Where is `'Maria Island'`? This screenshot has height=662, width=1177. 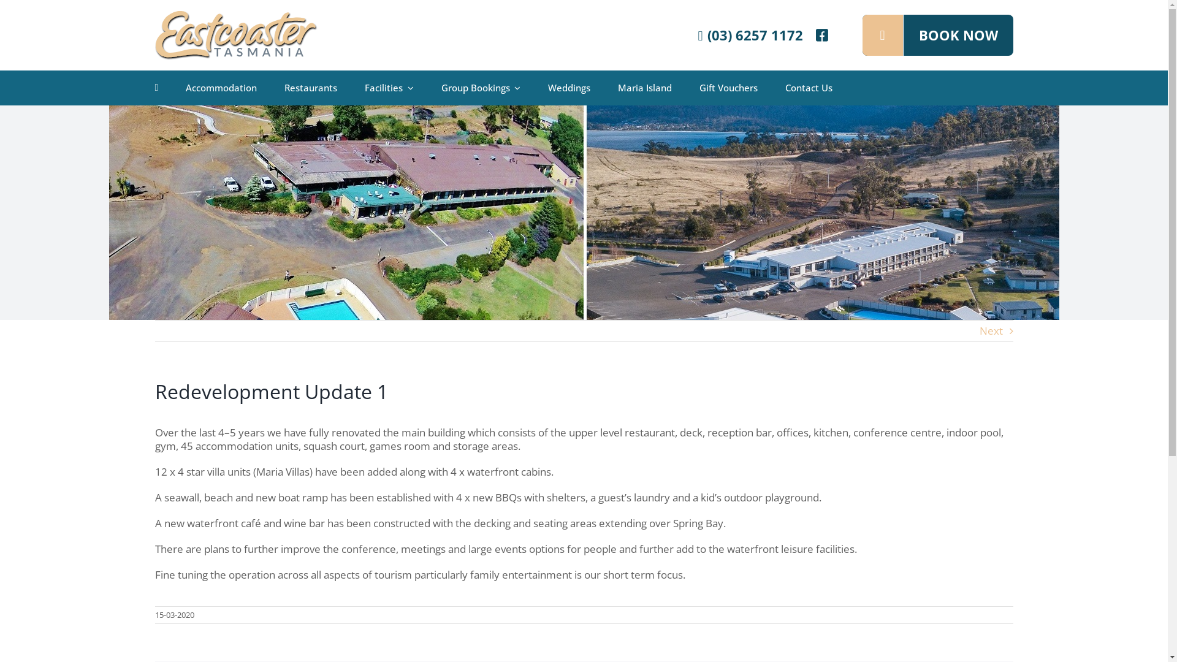 'Maria Island' is located at coordinates (644, 87).